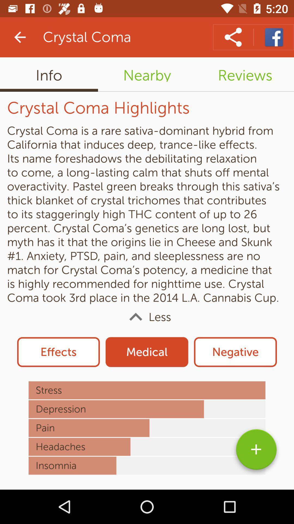 This screenshot has width=294, height=524. Describe the element at coordinates (233, 37) in the screenshot. I see `share` at that location.